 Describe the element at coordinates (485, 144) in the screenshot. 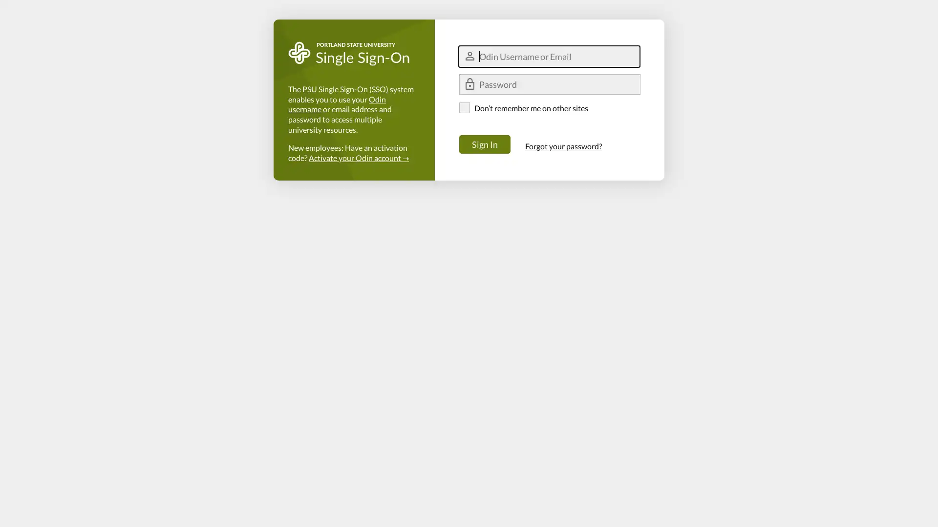

I see `Sign In` at that location.